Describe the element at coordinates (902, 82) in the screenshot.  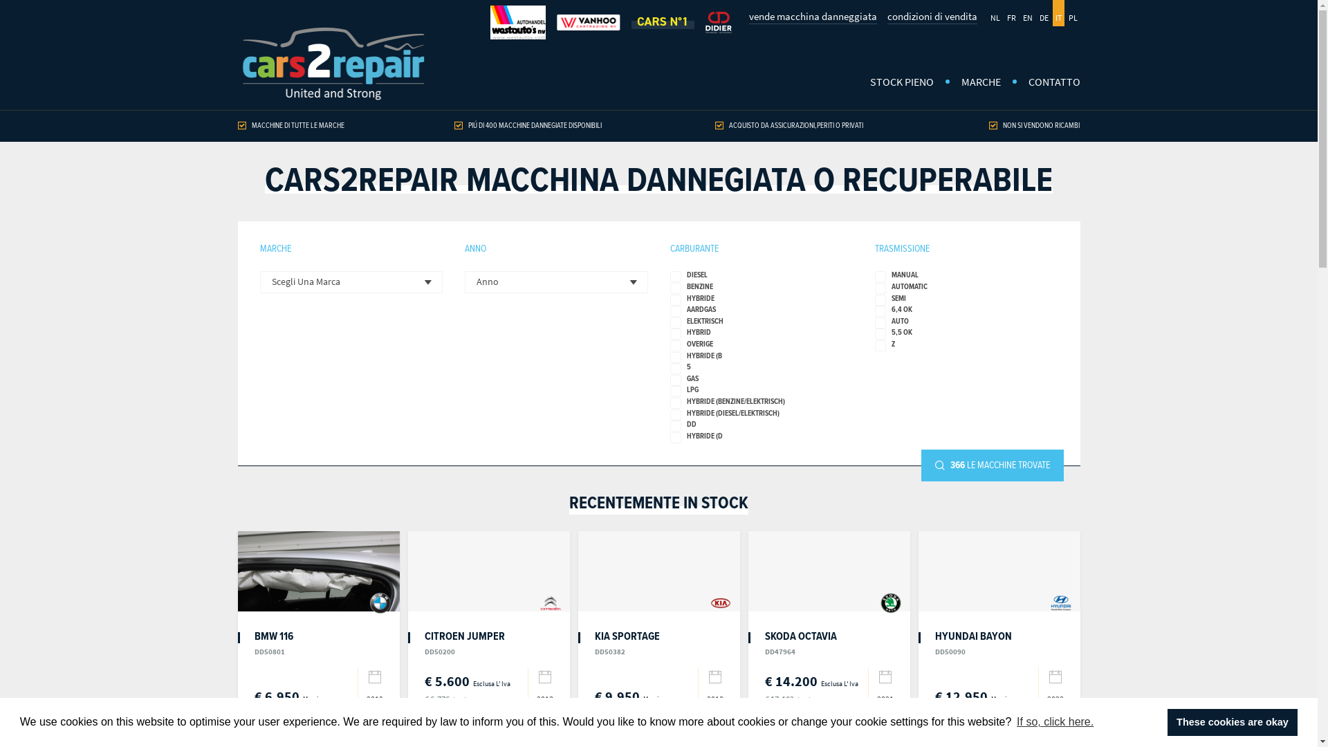
I see `'STOCK PIENO'` at that location.